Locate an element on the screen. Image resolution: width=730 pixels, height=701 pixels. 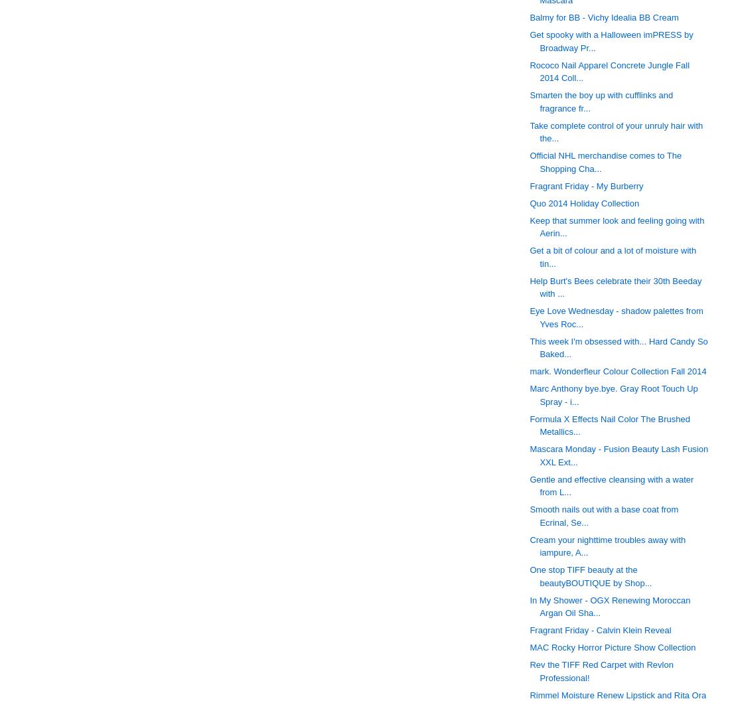
'Formula X Effects Nail Color The Brushed Metallics...' is located at coordinates (609, 424).